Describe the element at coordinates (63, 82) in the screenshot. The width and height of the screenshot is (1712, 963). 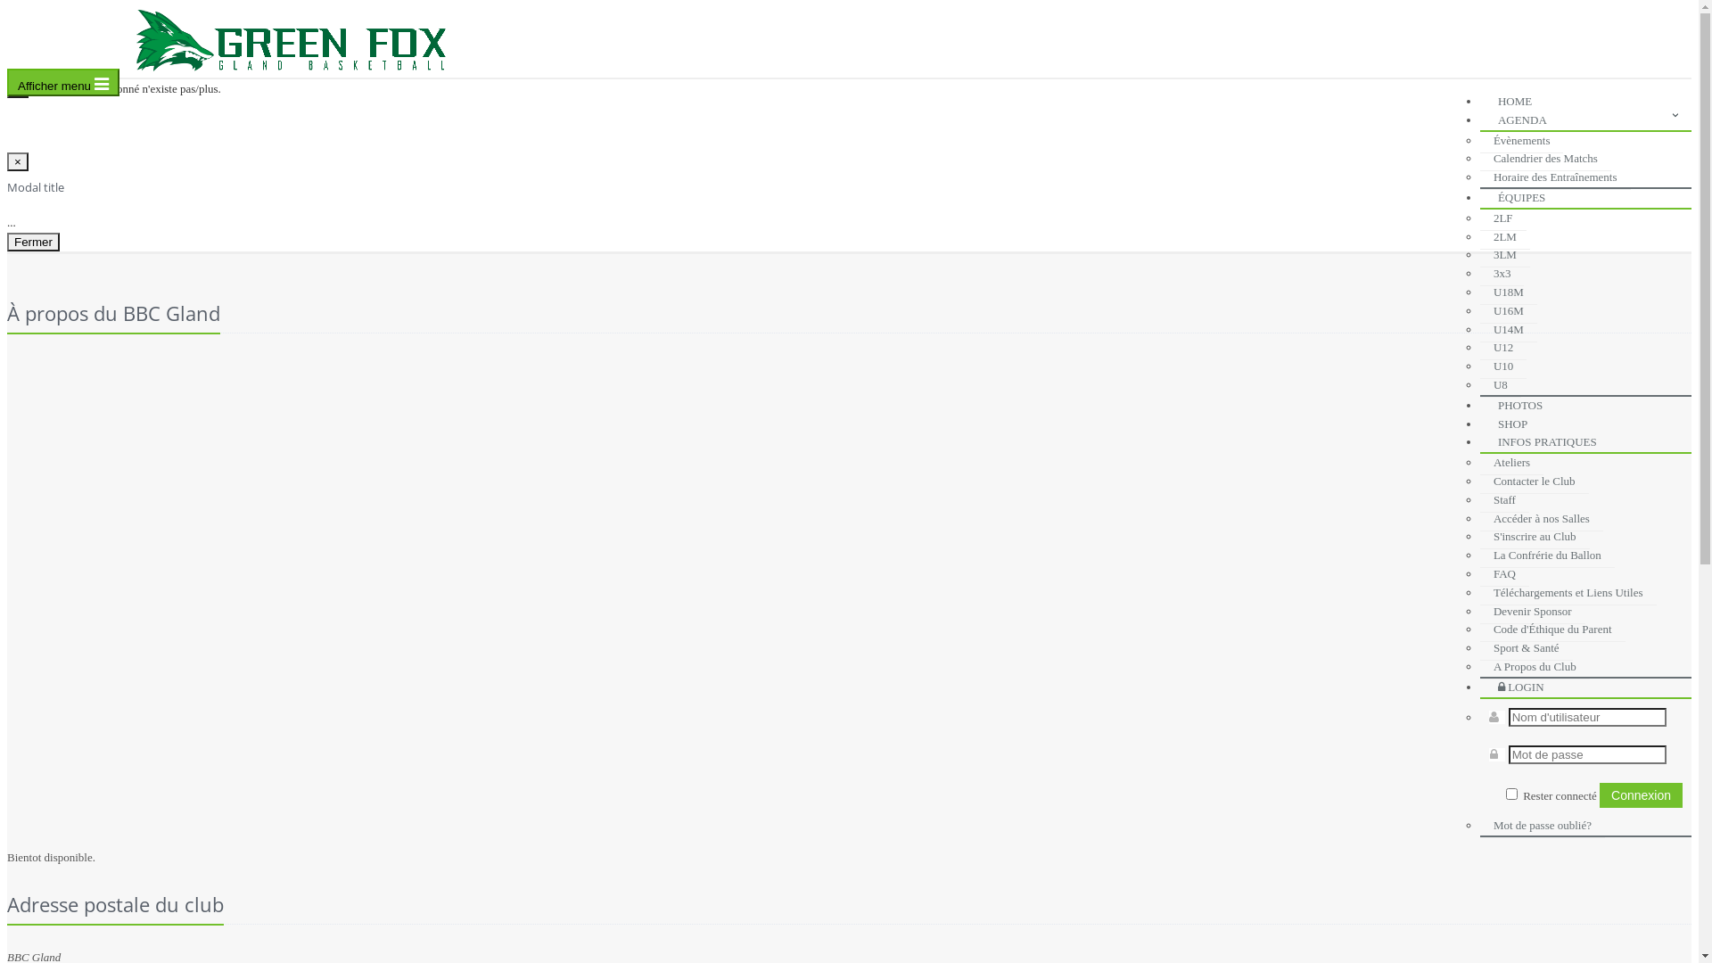
I see `'Afficher menu'` at that location.